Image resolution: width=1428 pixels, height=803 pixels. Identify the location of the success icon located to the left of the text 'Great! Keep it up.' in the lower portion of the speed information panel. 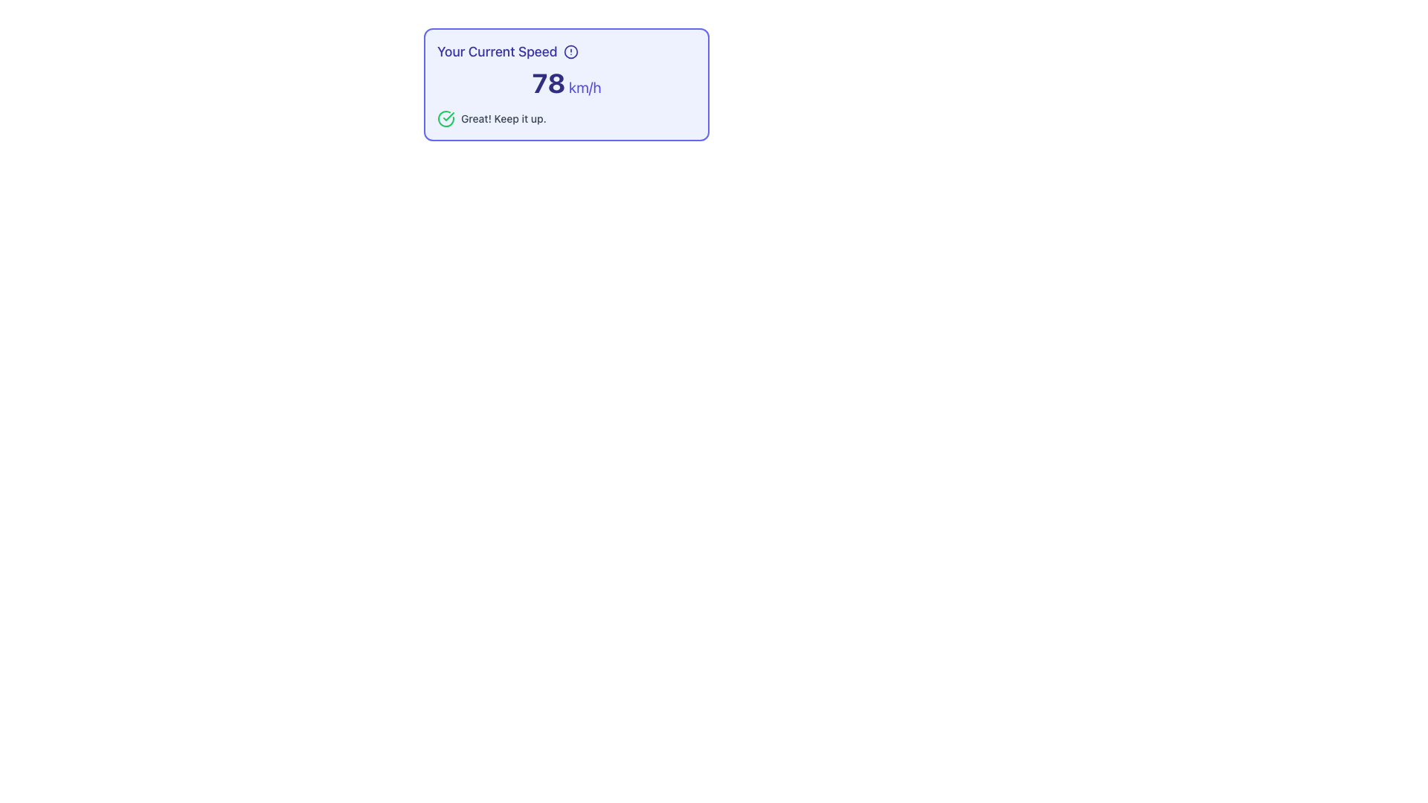
(446, 117).